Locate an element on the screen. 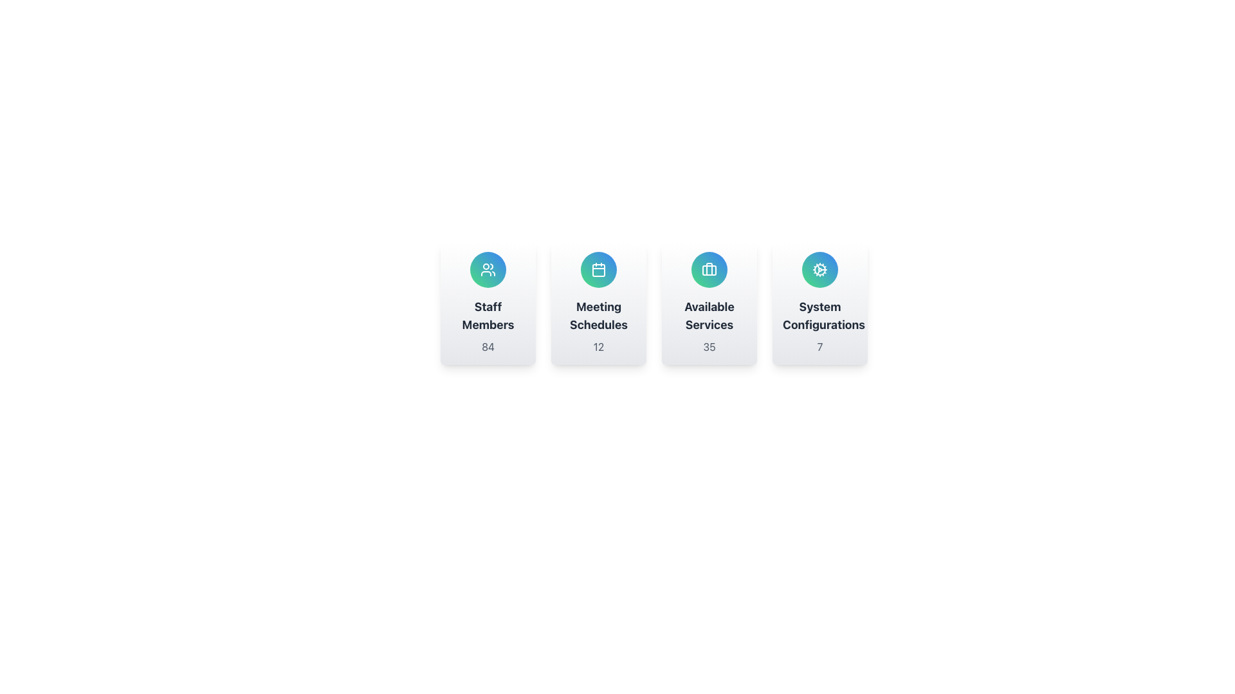 The width and height of the screenshot is (1235, 694). the 'Staff Members' icon located in the first card from the left in a set of four horizontally arranged cards is located at coordinates (487, 269).